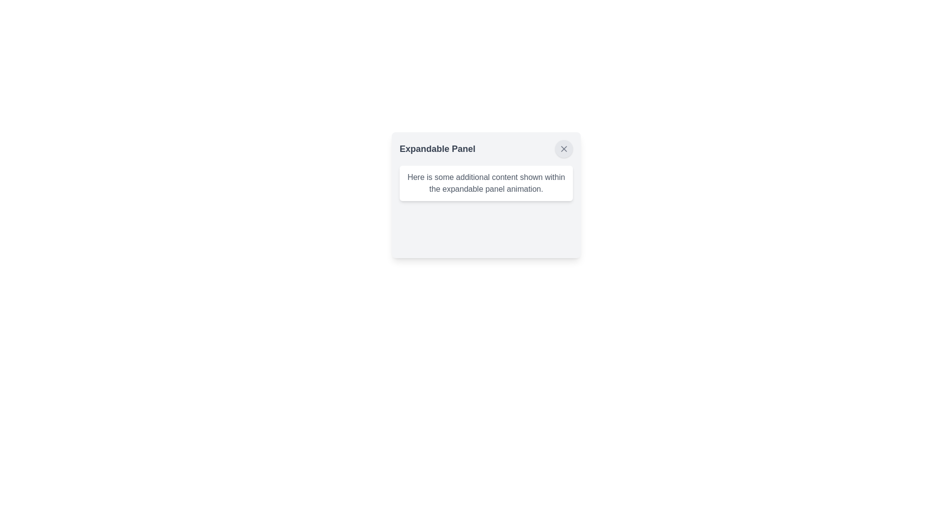  What do you see at coordinates (486, 183) in the screenshot?
I see `text content displayed in the informational area of the 'Expandable Panel', which is located below the panel's title text` at bounding box center [486, 183].